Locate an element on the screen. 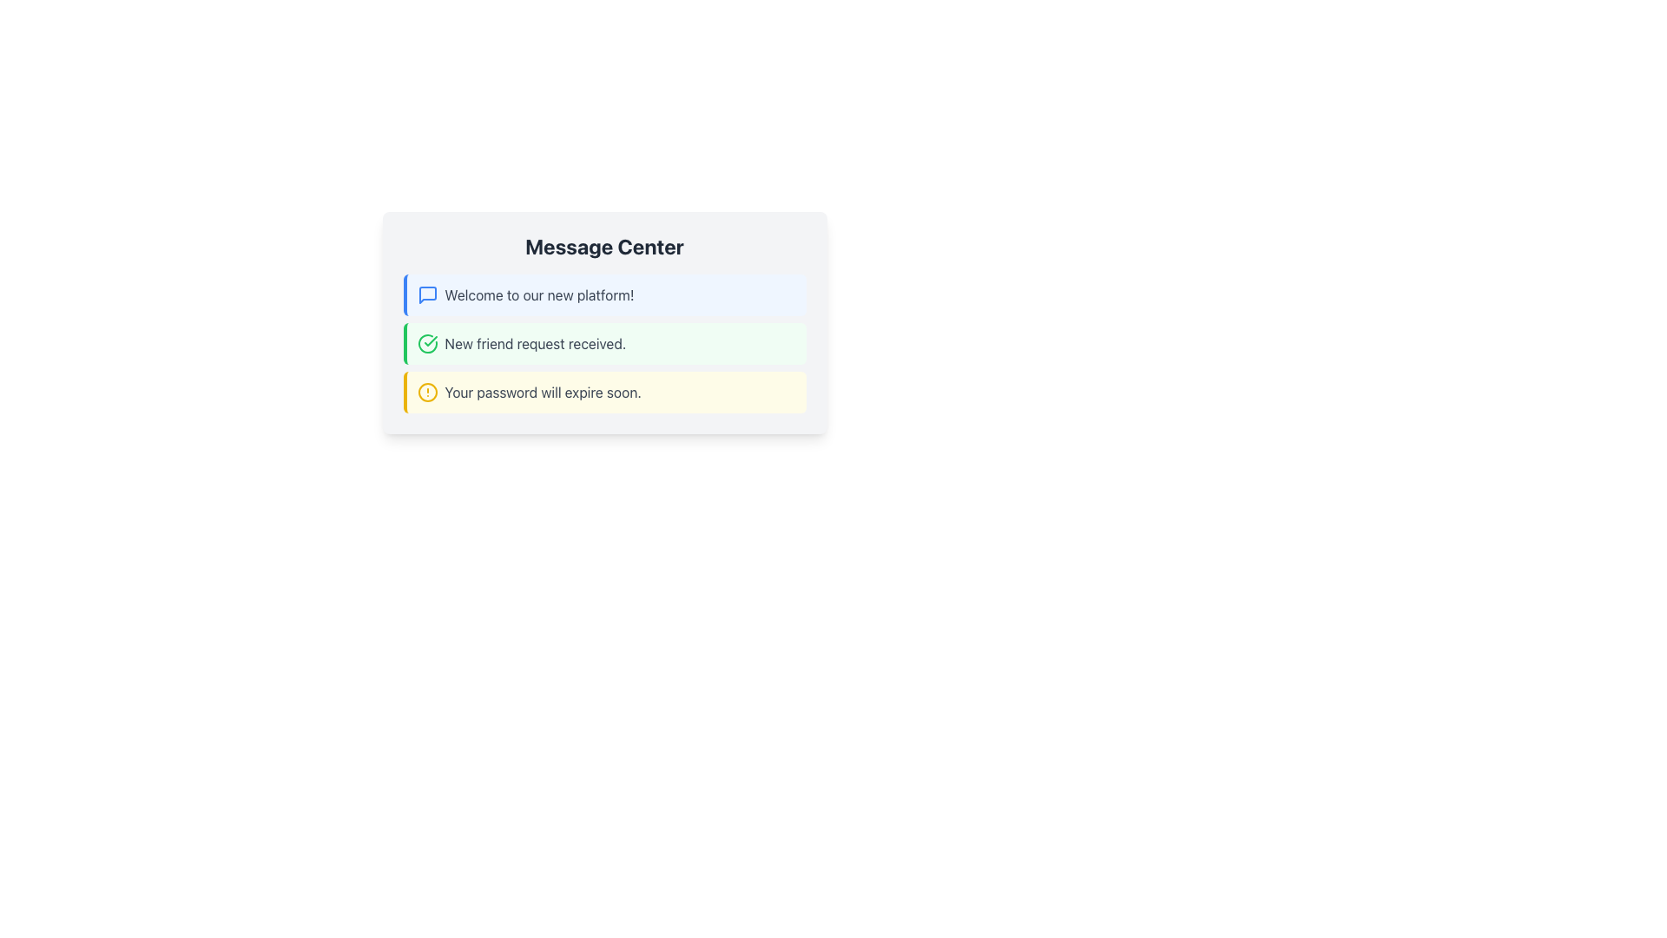 This screenshot has width=1667, height=938. the success confirmation icon located to the left of the 'New friend request received.' notification is located at coordinates (427, 344).